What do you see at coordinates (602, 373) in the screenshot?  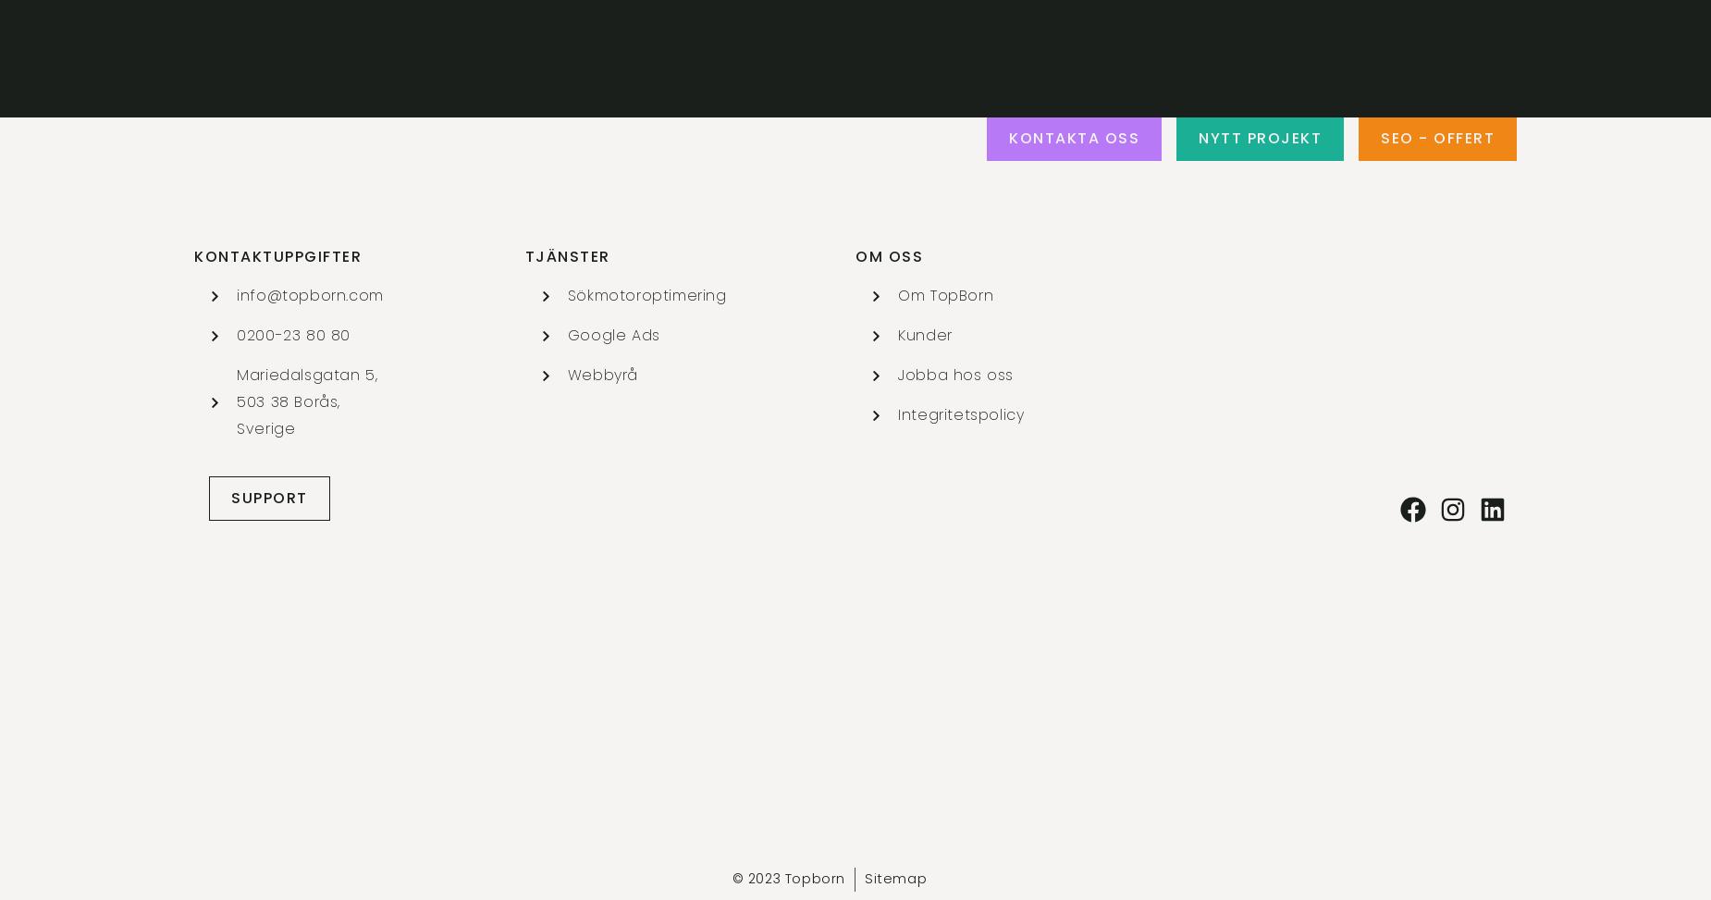 I see `'Webbyrå'` at bounding box center [602, 373].